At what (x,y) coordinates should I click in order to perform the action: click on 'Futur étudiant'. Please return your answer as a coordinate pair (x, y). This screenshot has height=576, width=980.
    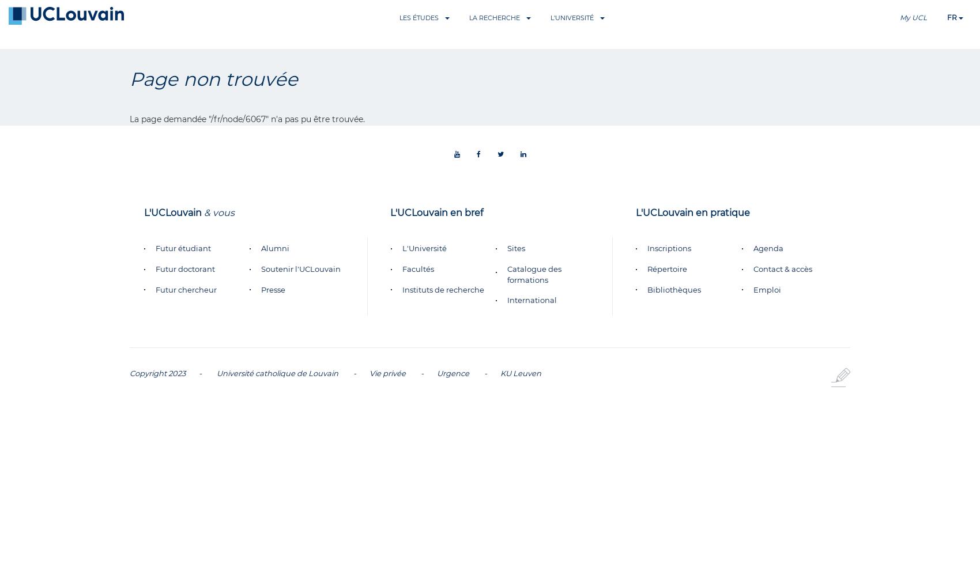
    Looking at the image, I should click on (155, 248).